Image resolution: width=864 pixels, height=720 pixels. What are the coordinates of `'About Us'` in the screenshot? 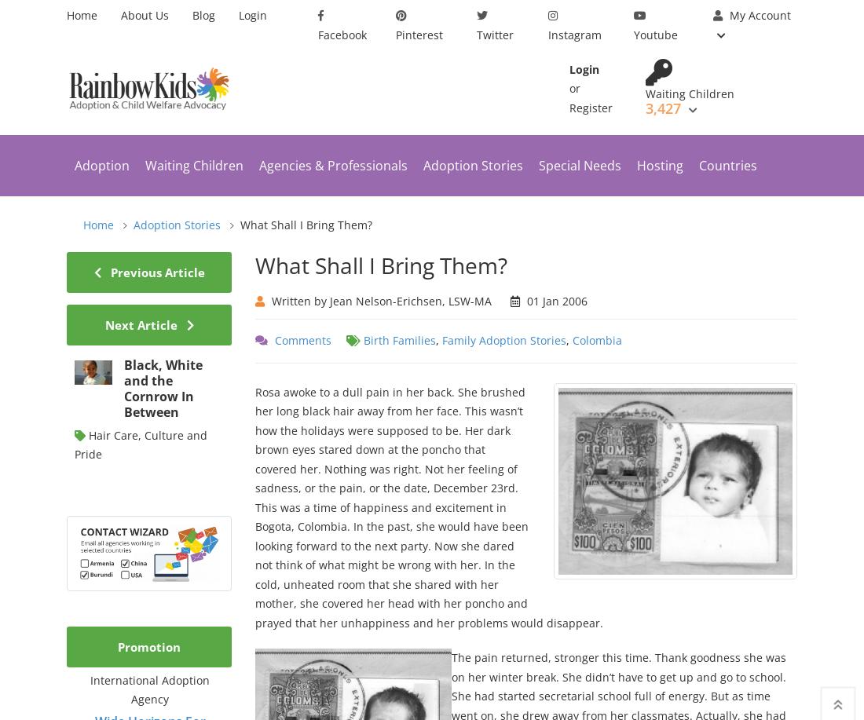 It's located at (144, 15).